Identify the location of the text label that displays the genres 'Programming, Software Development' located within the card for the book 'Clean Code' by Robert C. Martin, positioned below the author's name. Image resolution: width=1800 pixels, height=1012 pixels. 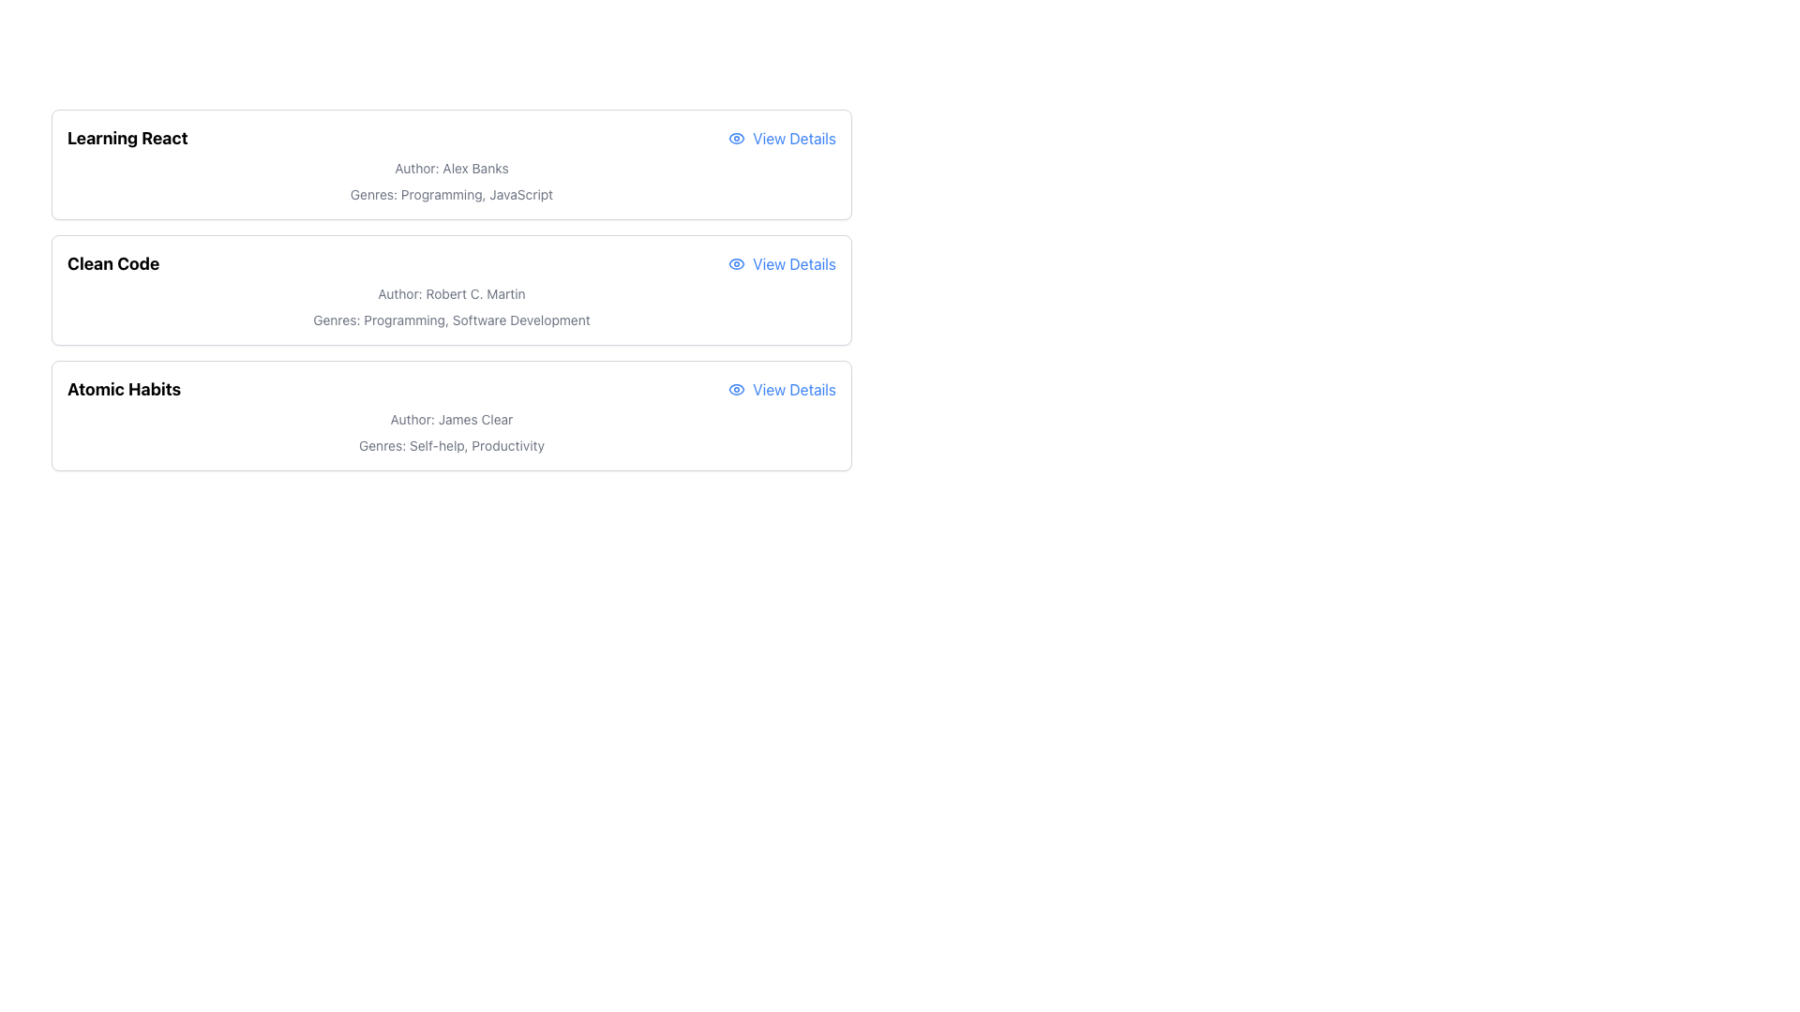
(451, 320).